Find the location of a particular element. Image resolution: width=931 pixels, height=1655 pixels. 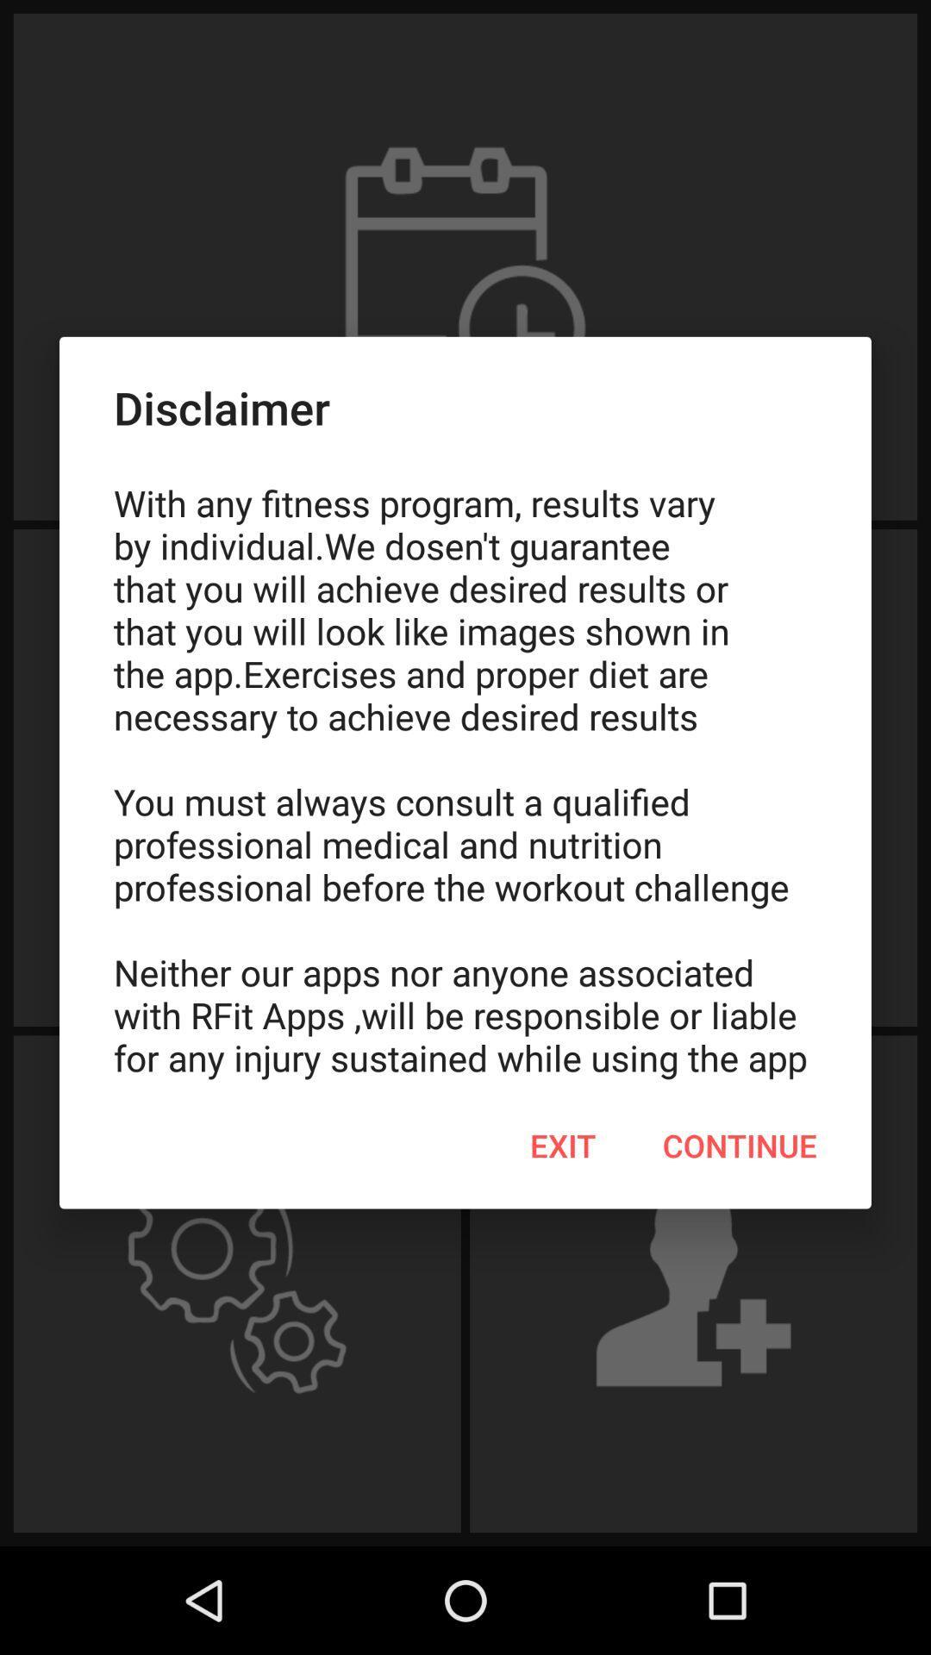

the icon below the with any fitness is located at coordinates (563, 1146).